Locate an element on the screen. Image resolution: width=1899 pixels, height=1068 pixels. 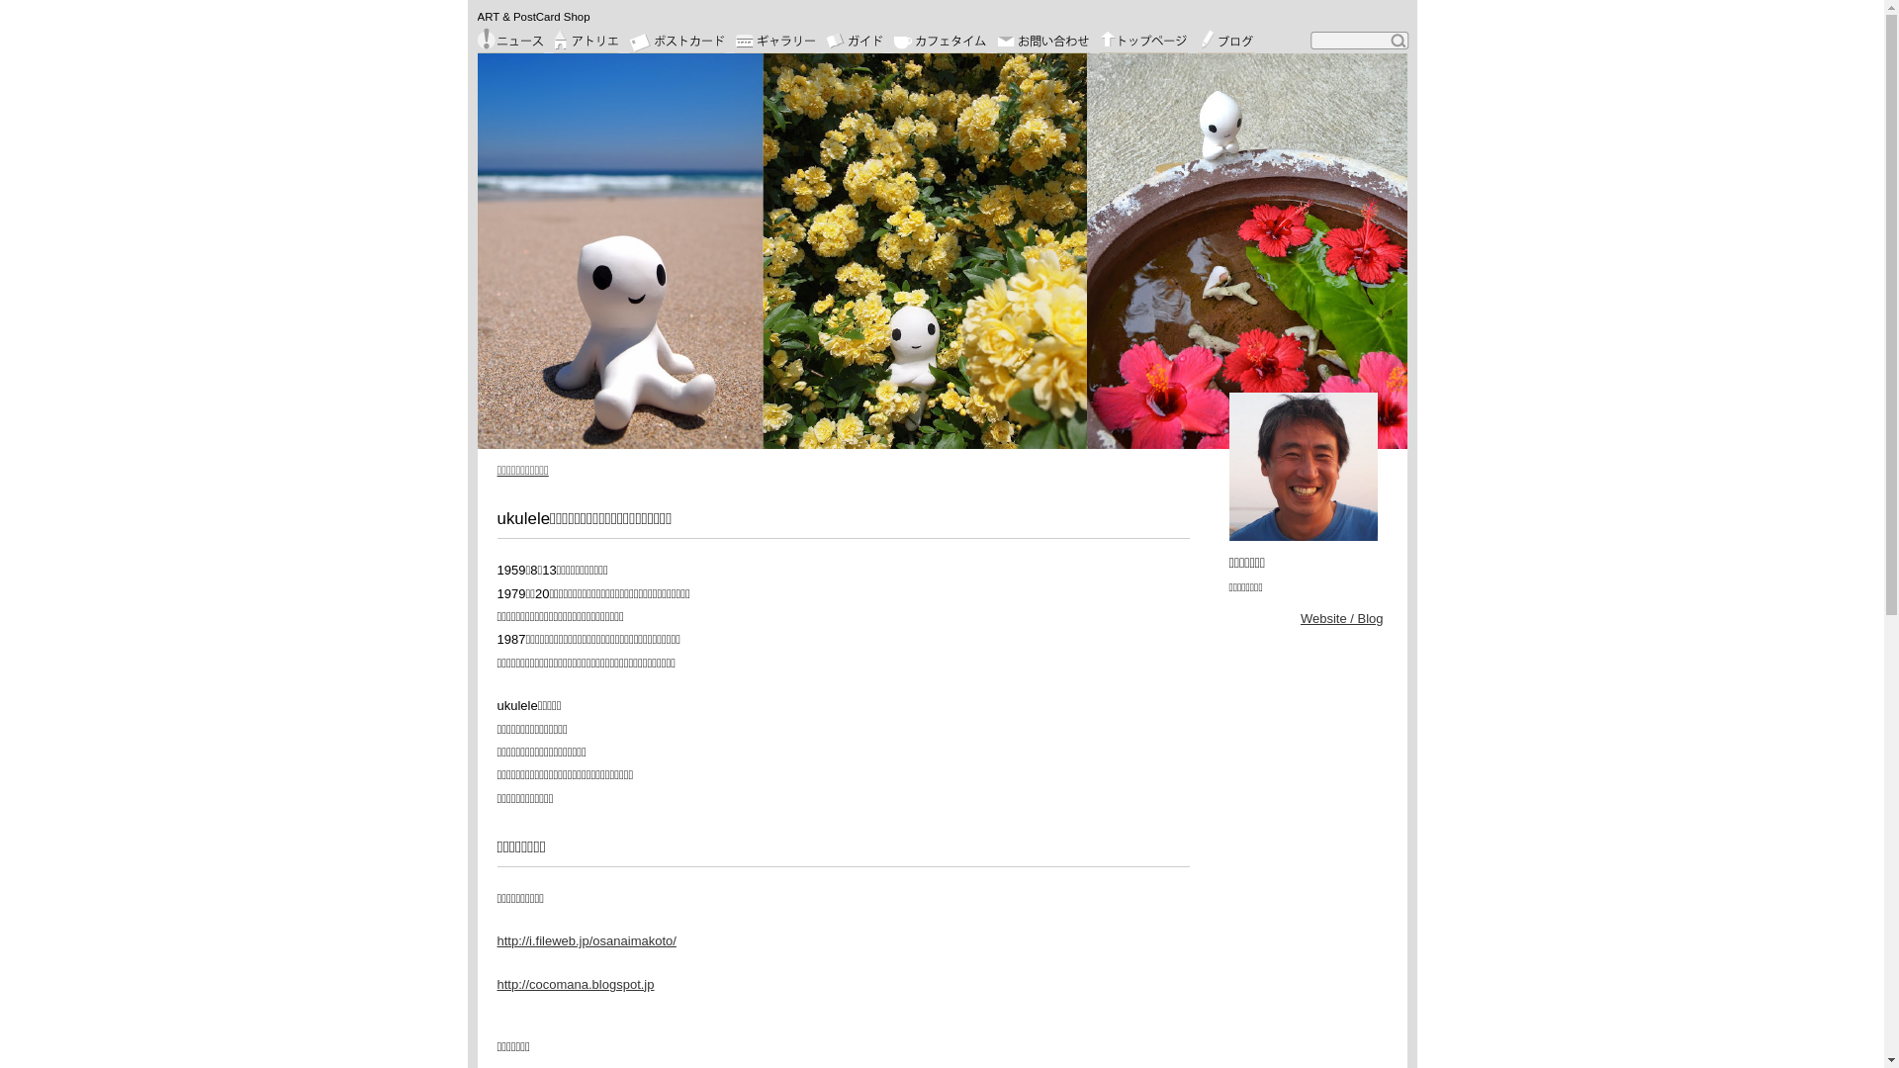
'http://cocomana.blogspot.jp' is located at coordinates (574, 984).